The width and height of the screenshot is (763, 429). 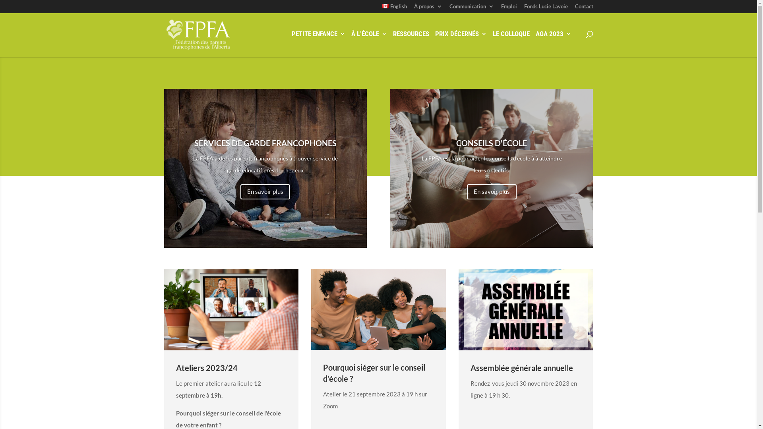 What do you see at coordinates (265, 142) in the screenshot?
I see `'SERVICES DE GARDE FRANCOPHONES'` at bounding box center [265, 142].